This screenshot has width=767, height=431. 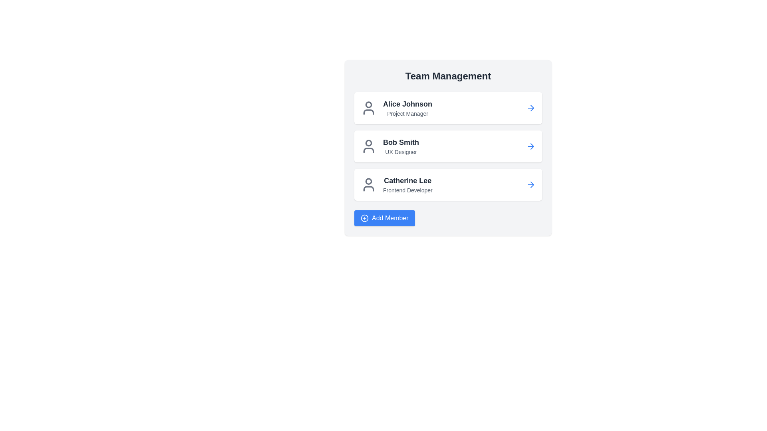 I want to click on the plus icon enclosed within a circle, which is part of the blue button labeled 'Add Member' located at the bottom section of the card interface, so click(x=364, y=218).